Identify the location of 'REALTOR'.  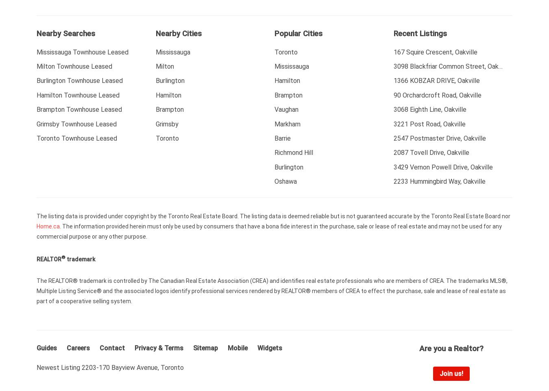
(49, 259).